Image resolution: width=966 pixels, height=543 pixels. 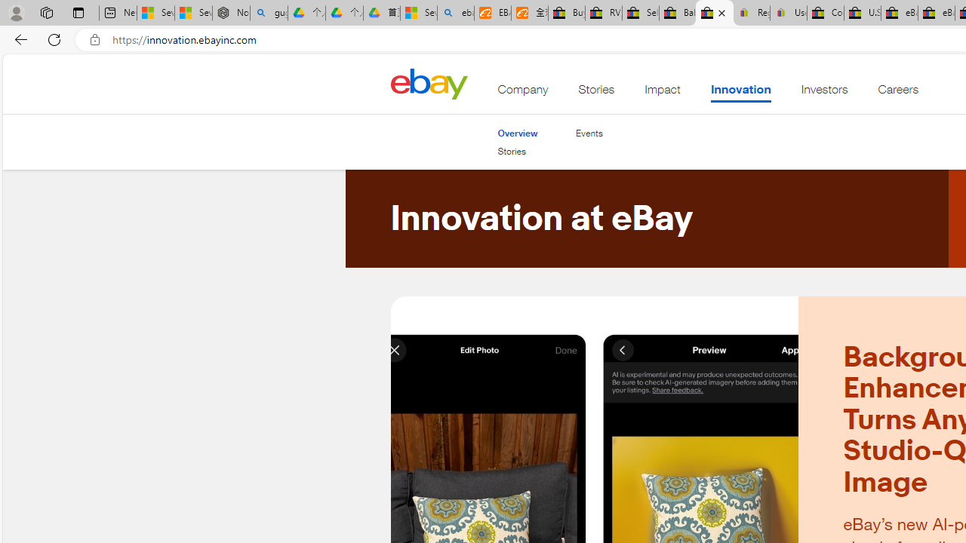 What do you see at coordinates (740, 93) in the screenshot?
I see `'Innovation'` at bounding box center [740, 93].